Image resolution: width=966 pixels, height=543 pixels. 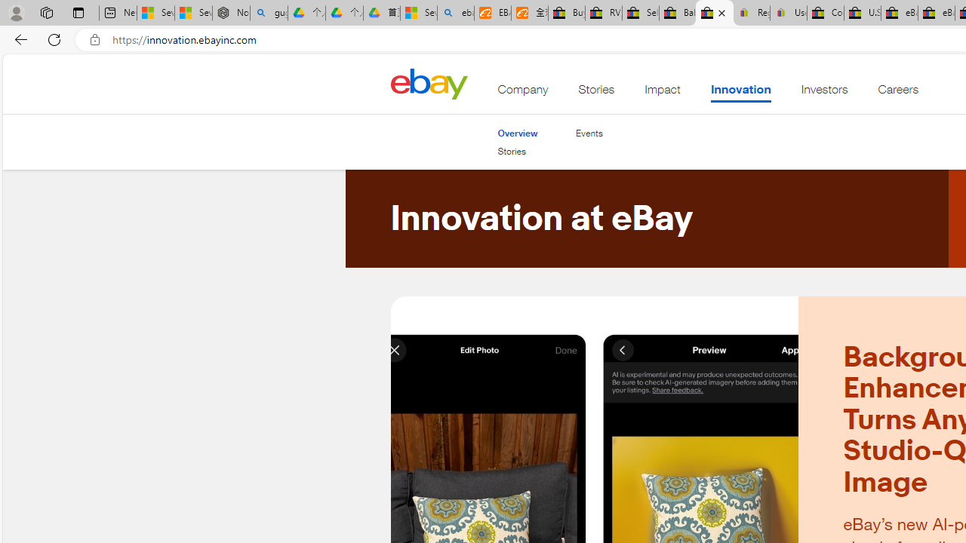 What do you see at coordinates (740, 93) in the screenshot?
I see `'Innovation'` at bounding box center [740, 93].